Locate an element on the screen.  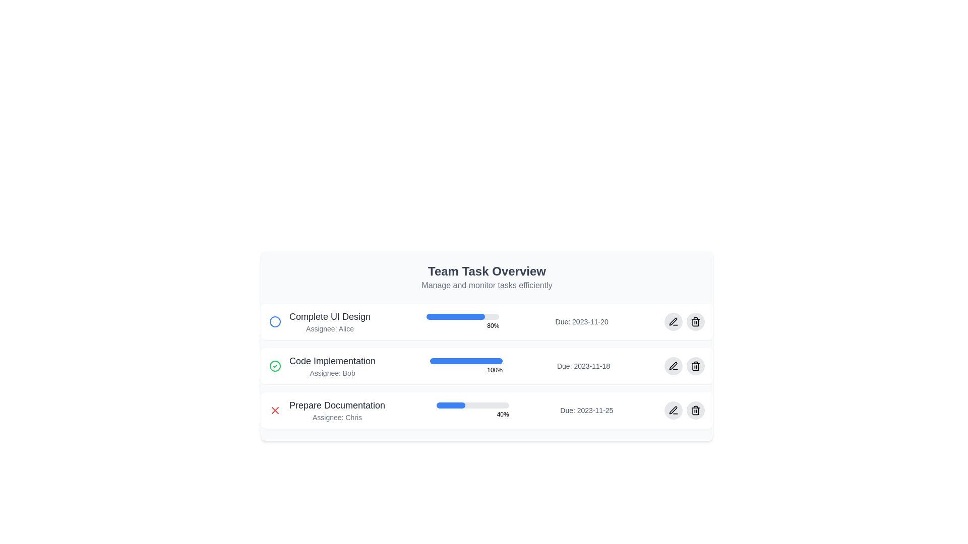
the progress bar indicating 80% completion for the task 'Complete UI Design' is located at coordinates (462, 316).